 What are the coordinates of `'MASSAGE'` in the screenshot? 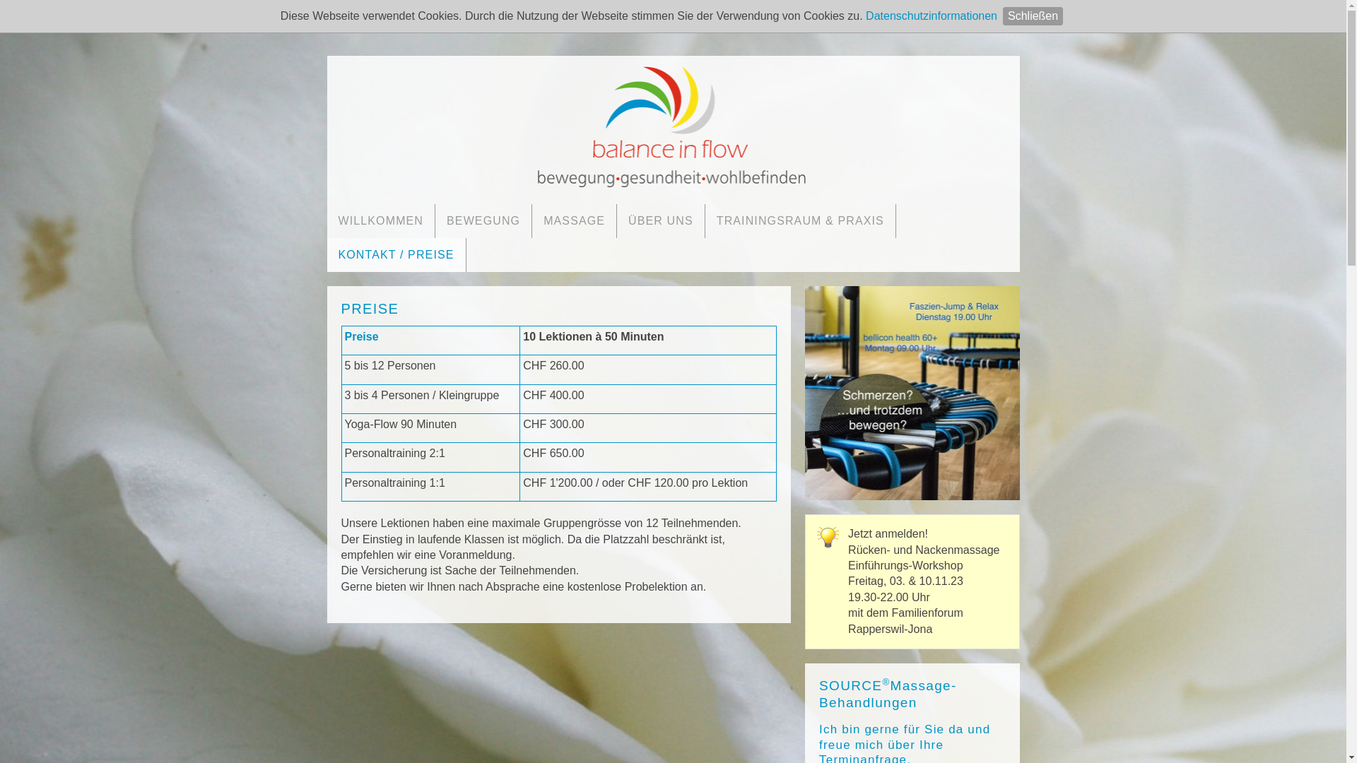 It's located at (574, 220).